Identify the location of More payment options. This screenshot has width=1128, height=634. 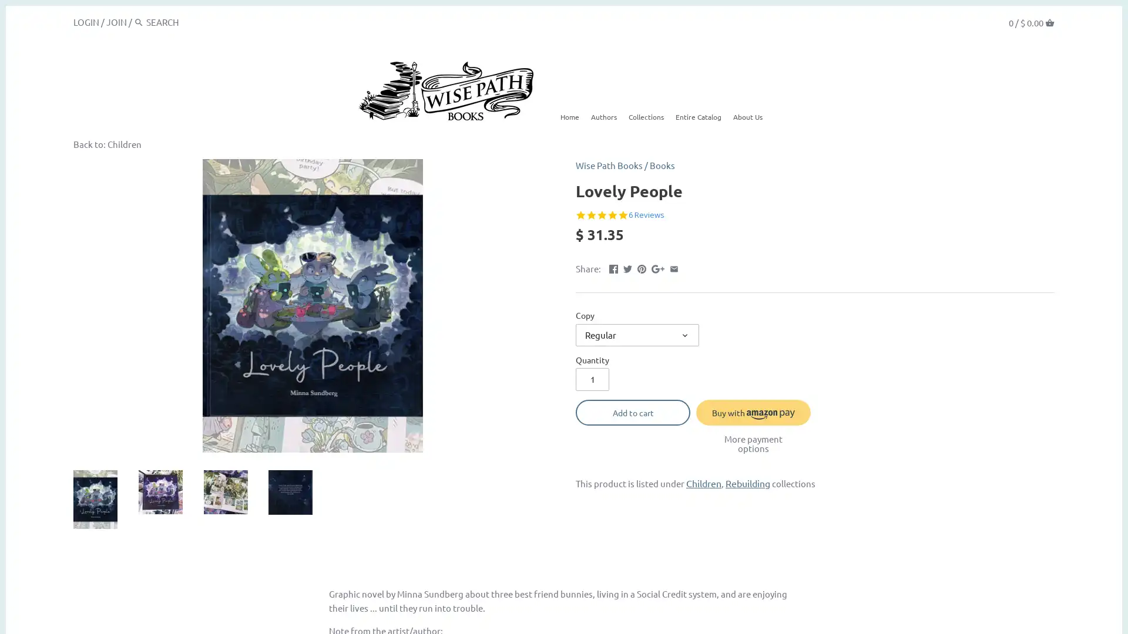
(753, 443).